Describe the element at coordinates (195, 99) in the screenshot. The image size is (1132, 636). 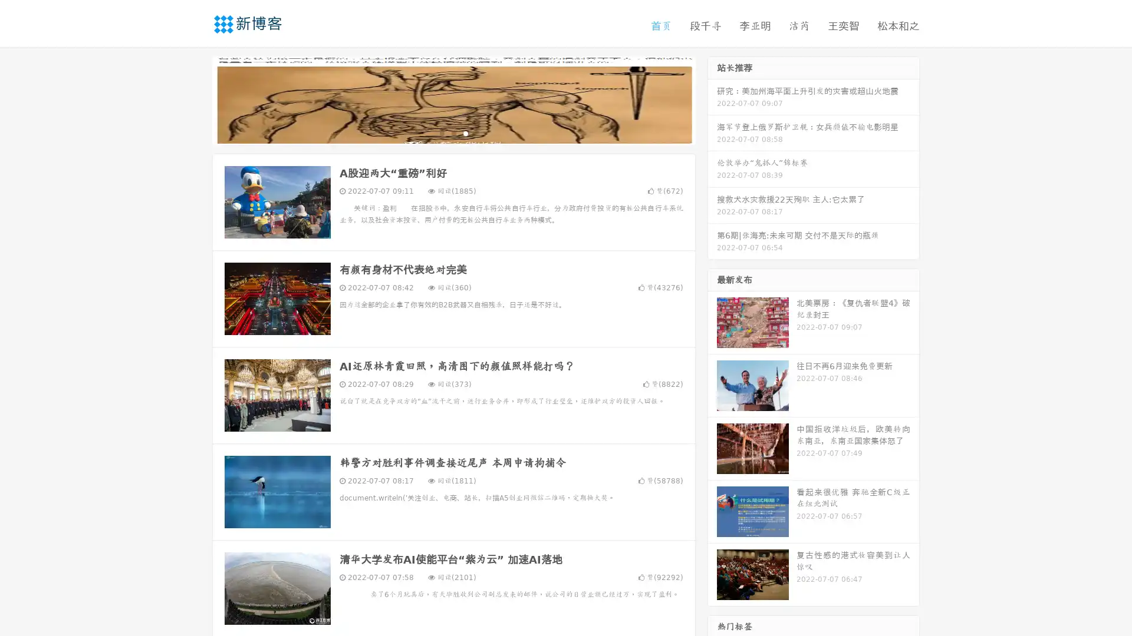
I see `Previous slide` at that location.